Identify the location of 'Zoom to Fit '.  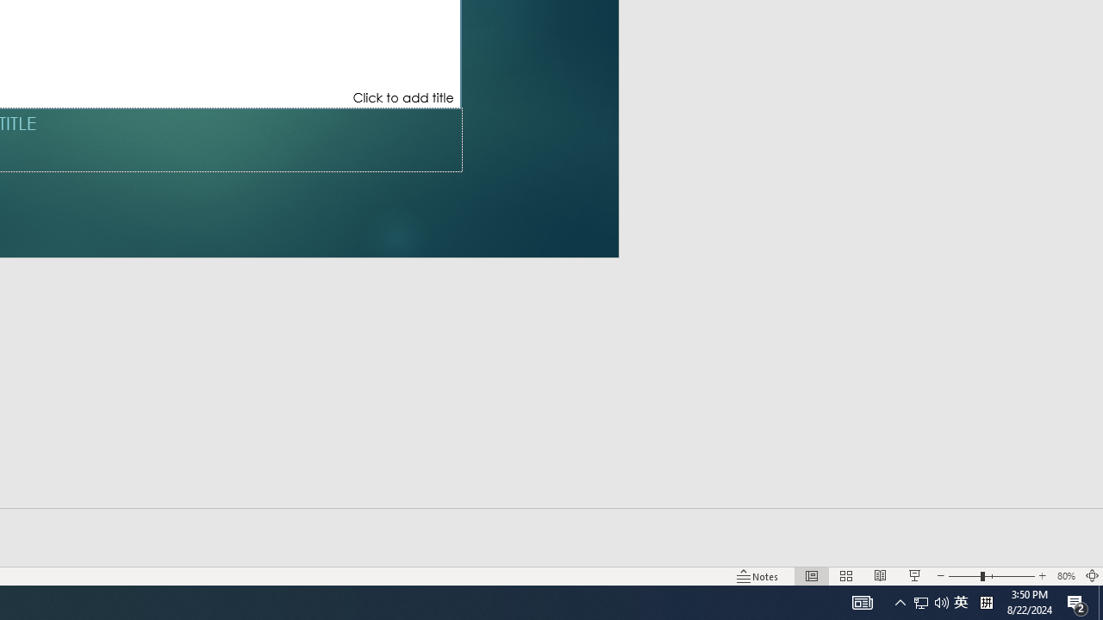
(1091, 576).